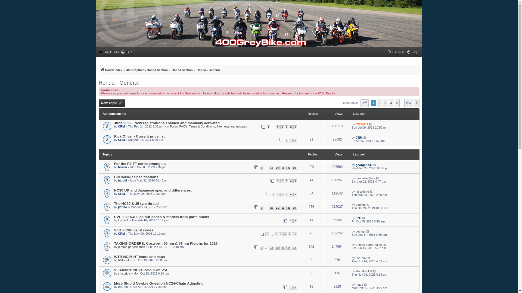 Image resolution: width=522 pixels, height=293 pixels. What do you see at coordinates (122, 180) in the screenshot?
I see `'tanuki'` at bounding box center [122, 180].